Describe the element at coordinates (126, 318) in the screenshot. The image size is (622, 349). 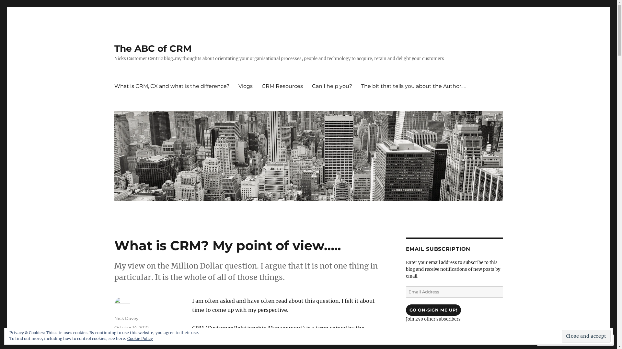
I see `'Nick Davey'` at that location.